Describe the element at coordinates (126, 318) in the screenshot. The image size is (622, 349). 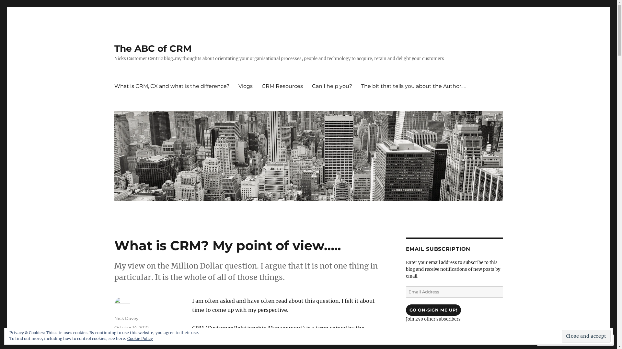
I see `'Nick Davey'` at that location.